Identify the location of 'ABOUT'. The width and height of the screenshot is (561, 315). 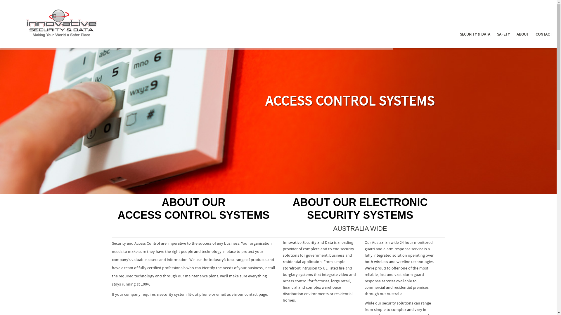
(523, 35).